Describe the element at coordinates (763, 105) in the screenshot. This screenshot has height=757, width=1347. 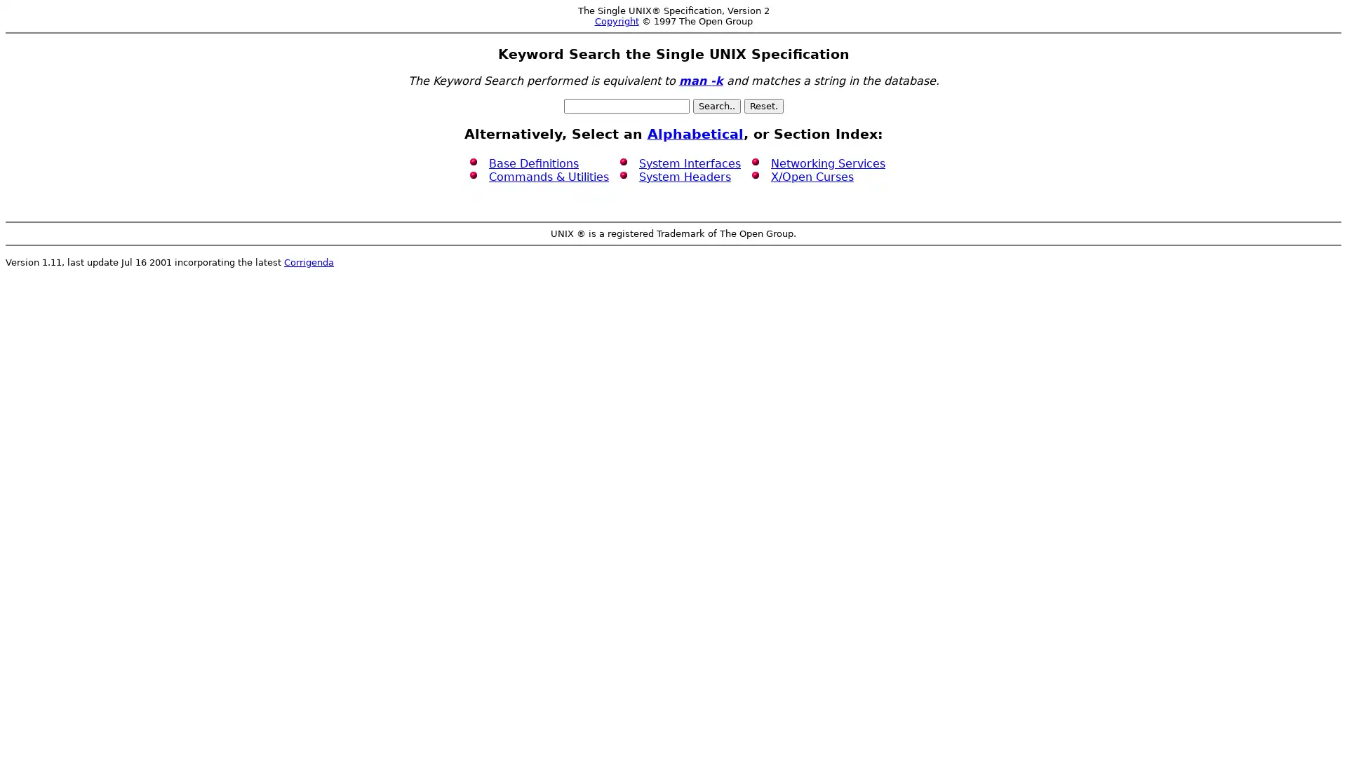
I see `Reset.` at that location.